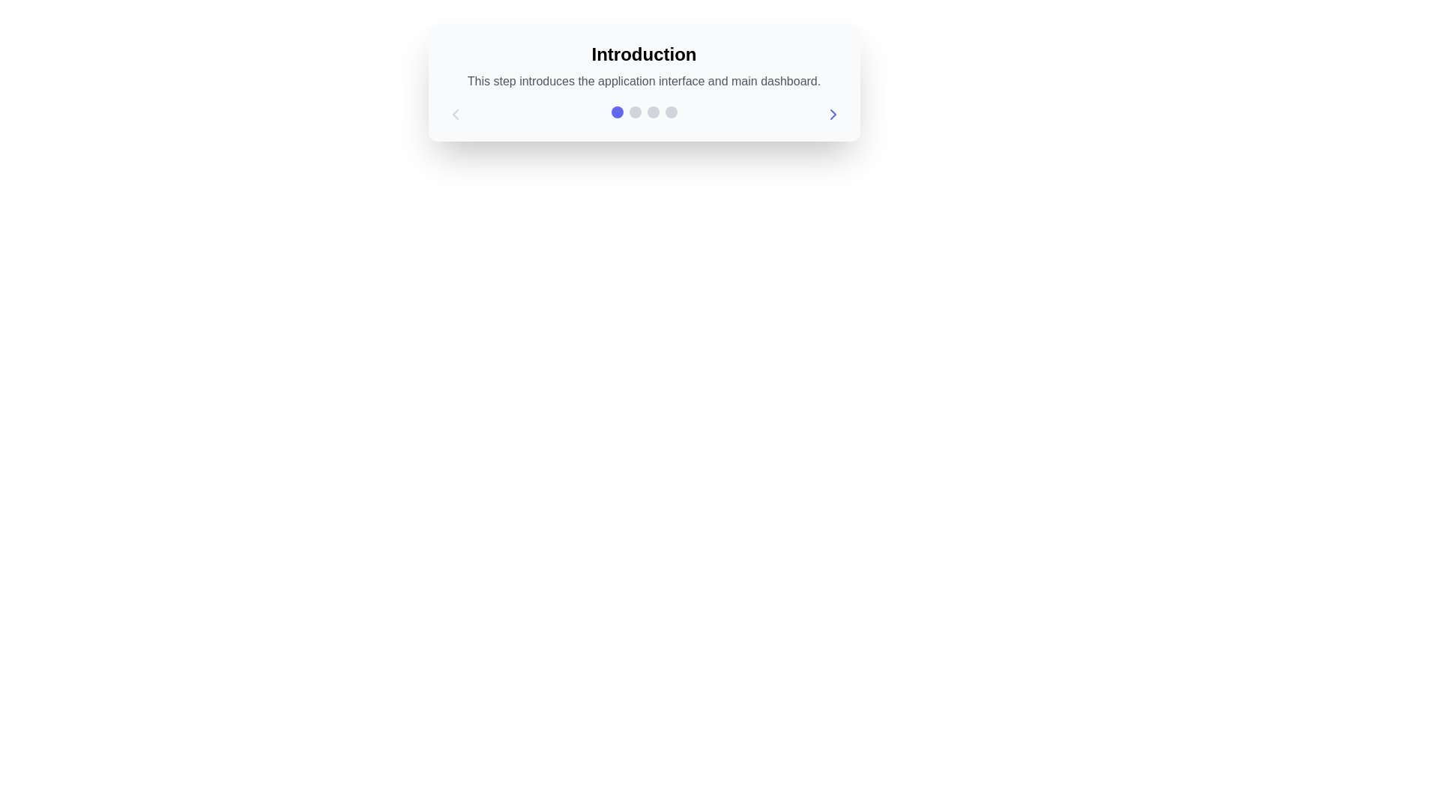  What do you see at coordinates (670, 112) in the screenshot?
I see `the fourth and last dot of the Progress Indicator in the multi-step interface located at the bottom of the 'Introduction' card` at bounding box center [670, 112].